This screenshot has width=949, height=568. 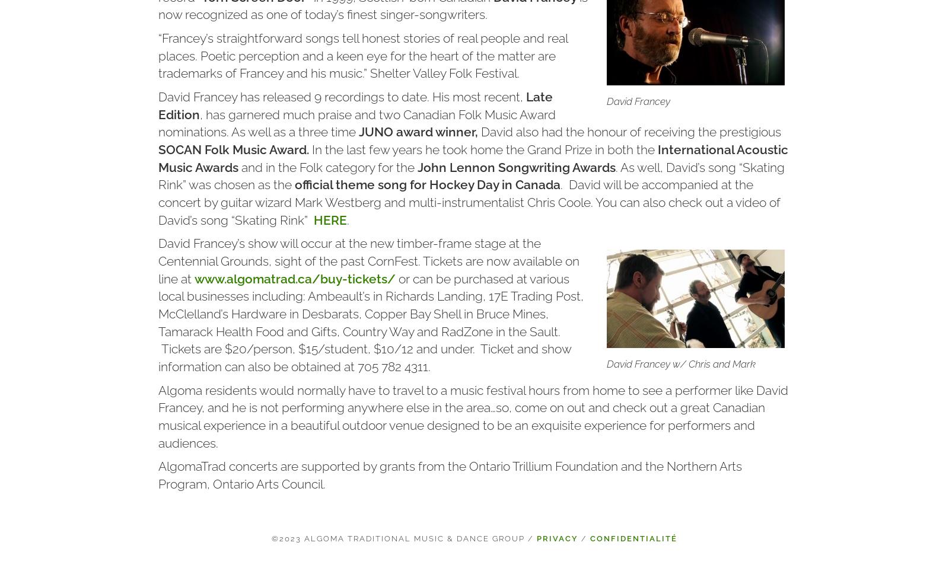 What do you see at coordinates (404, 538) in the screenshot?
I see `'©2023 Algoma Traditional Music & Dance Group /'` at bounding box center [404, 538].